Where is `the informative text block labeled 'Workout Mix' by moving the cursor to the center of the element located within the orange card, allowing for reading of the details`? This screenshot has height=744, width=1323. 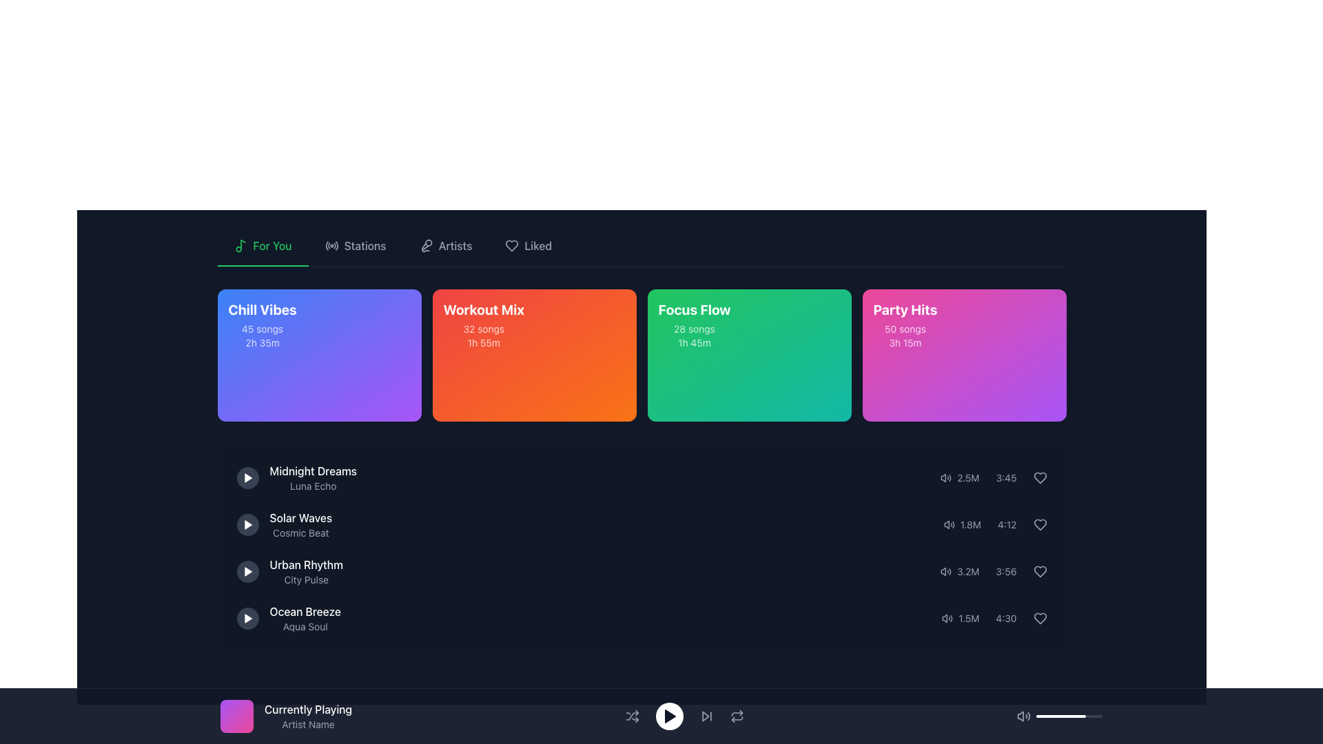 the informative text block labeled 'Workout Mix' by moving the cursor to the center of the element located within the orange card, allowing for reading of the details is located at coordinates (484, 324).